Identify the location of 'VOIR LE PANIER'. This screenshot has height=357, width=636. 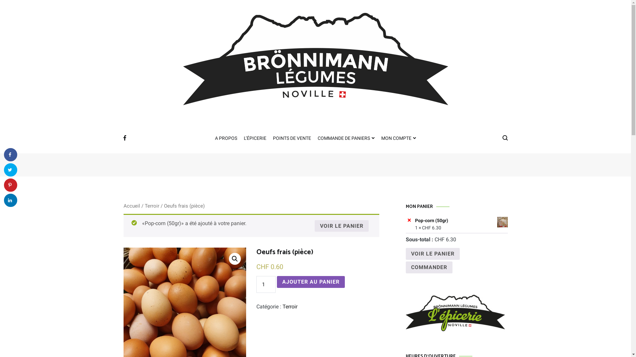
(342, 225).